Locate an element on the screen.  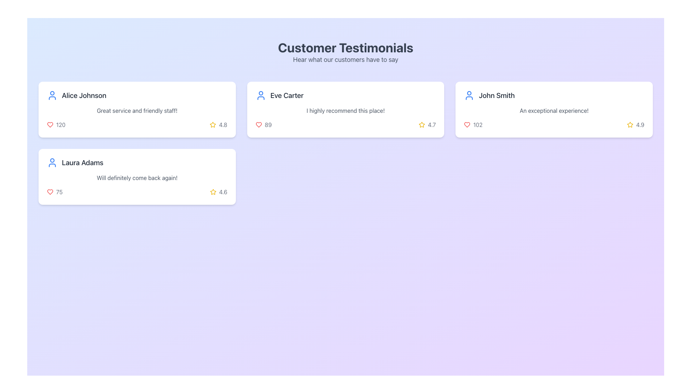
testimonial text displayed in the text label located in the third card from the left on the top row, positioned below 'John Smith' and above the reaction metrics is located at coordinates (554, 110).